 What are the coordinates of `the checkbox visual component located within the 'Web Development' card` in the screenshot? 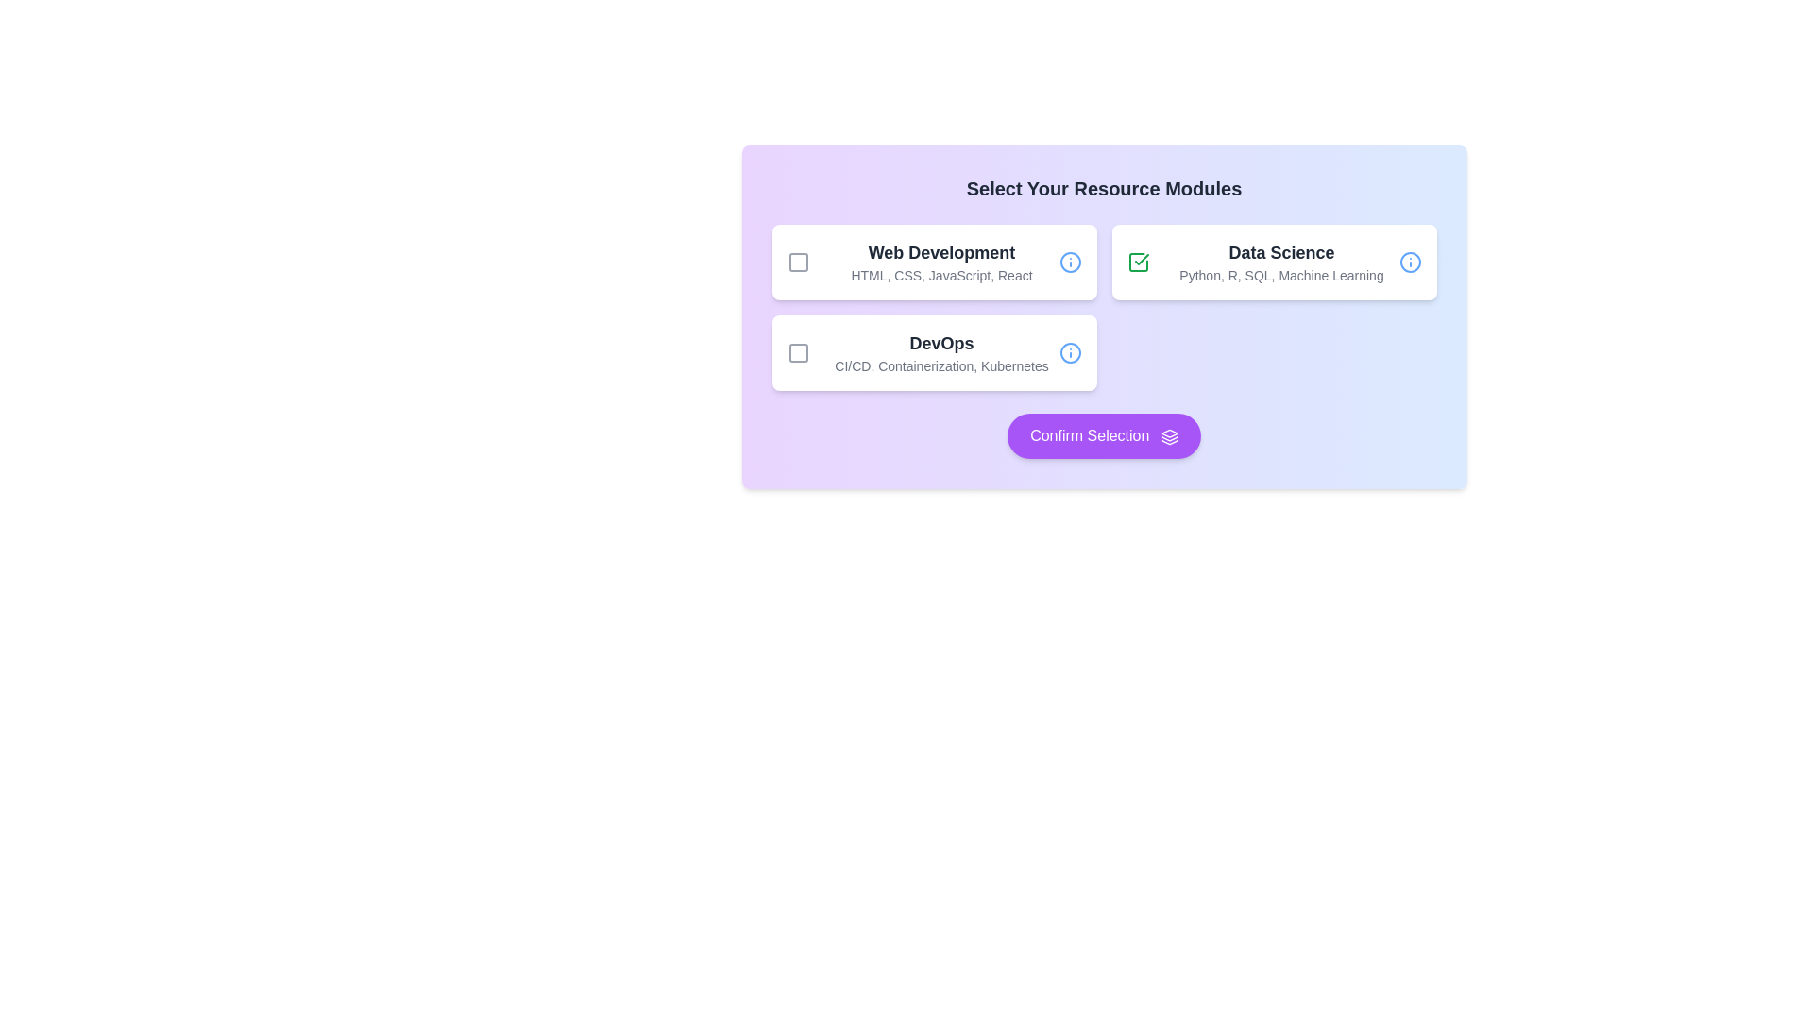 It's located at (798, 262).